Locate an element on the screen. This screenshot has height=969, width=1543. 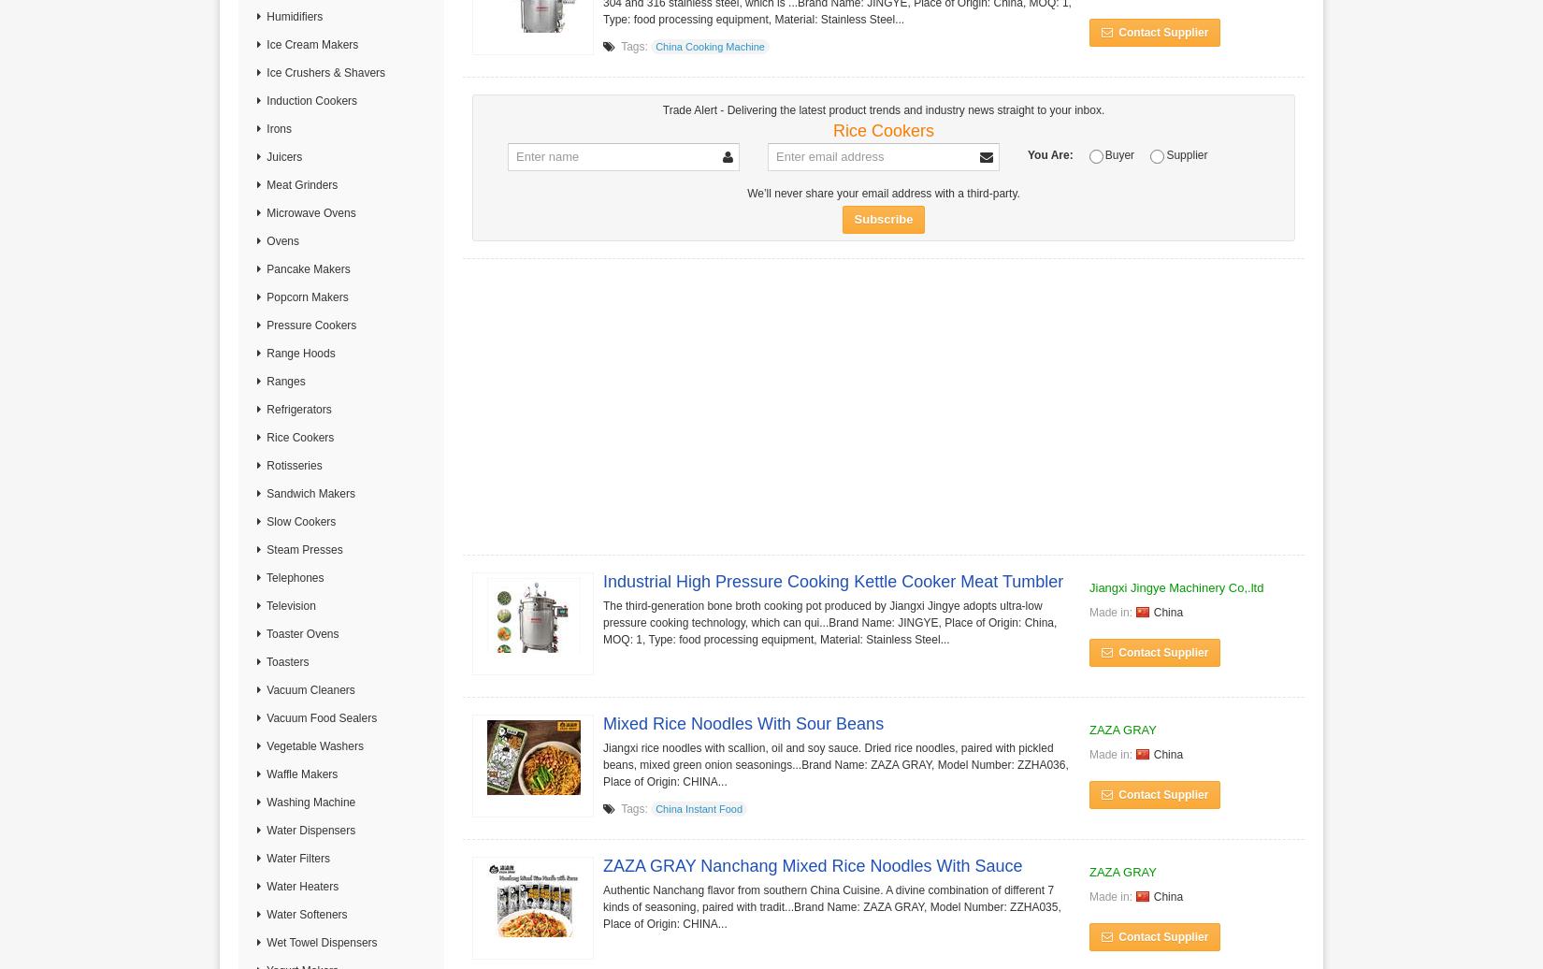
'Popcorn Makers' is located at coordinates (306, 296).